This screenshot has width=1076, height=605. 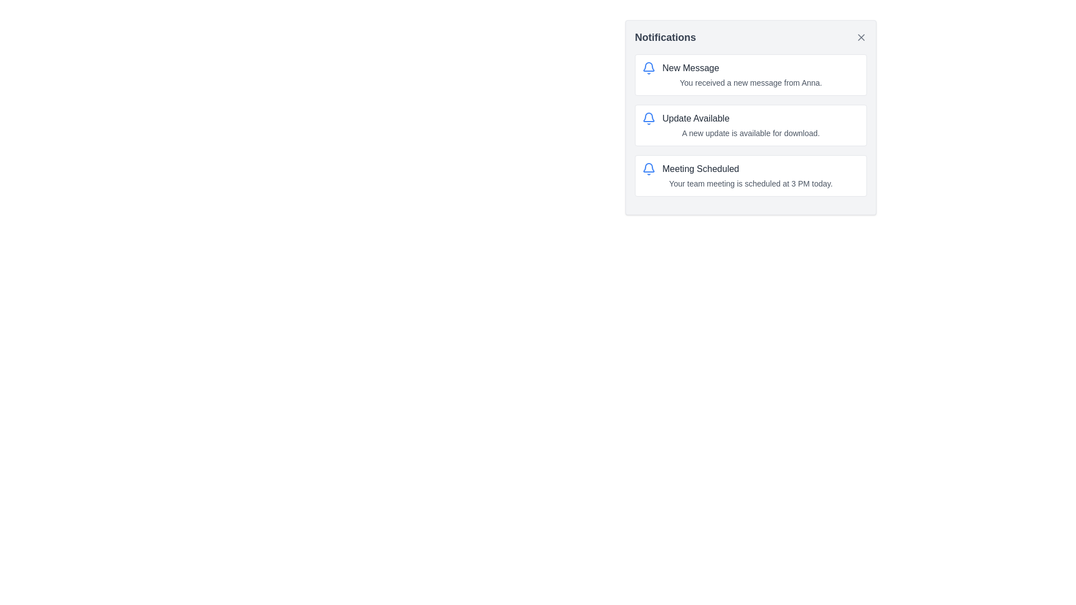 I want to click on the notification bell icon, which indicates notifications and is located near the top-left corner of the notification panel, next to the 'New Message' label, so click(x=648, y=67).